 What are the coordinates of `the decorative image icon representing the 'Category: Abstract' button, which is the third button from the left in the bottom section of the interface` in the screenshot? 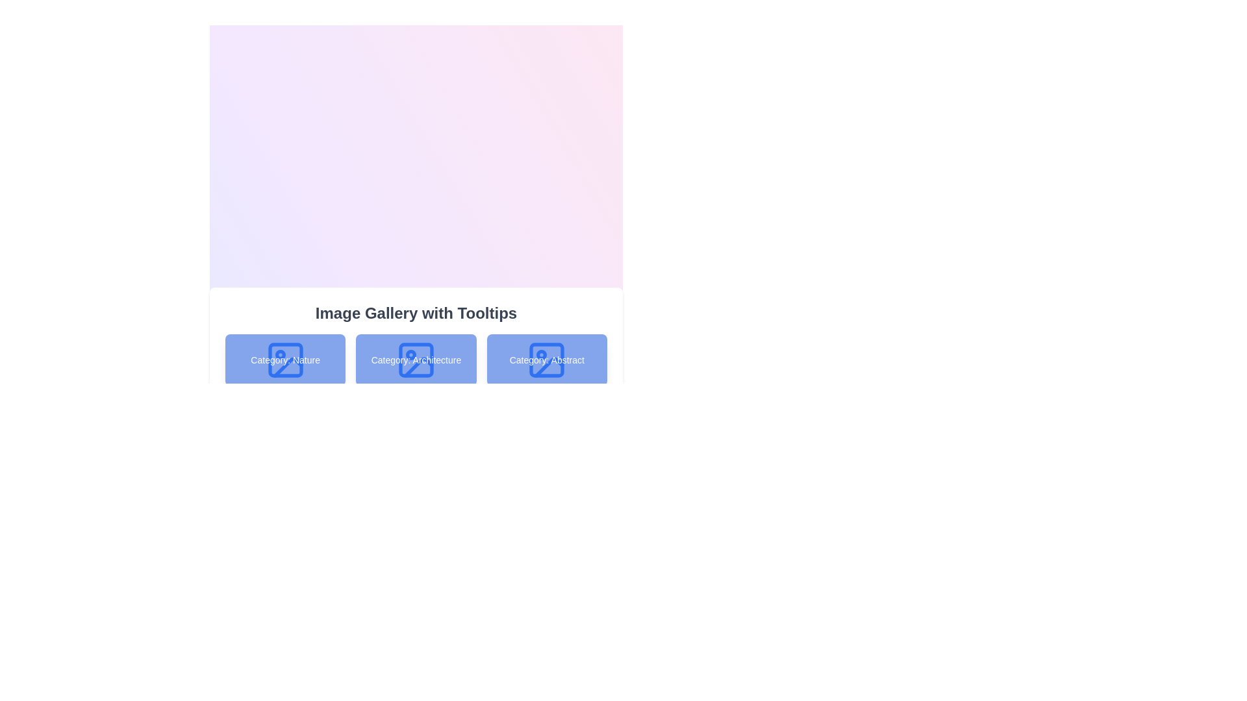 It's located at (547, 360).